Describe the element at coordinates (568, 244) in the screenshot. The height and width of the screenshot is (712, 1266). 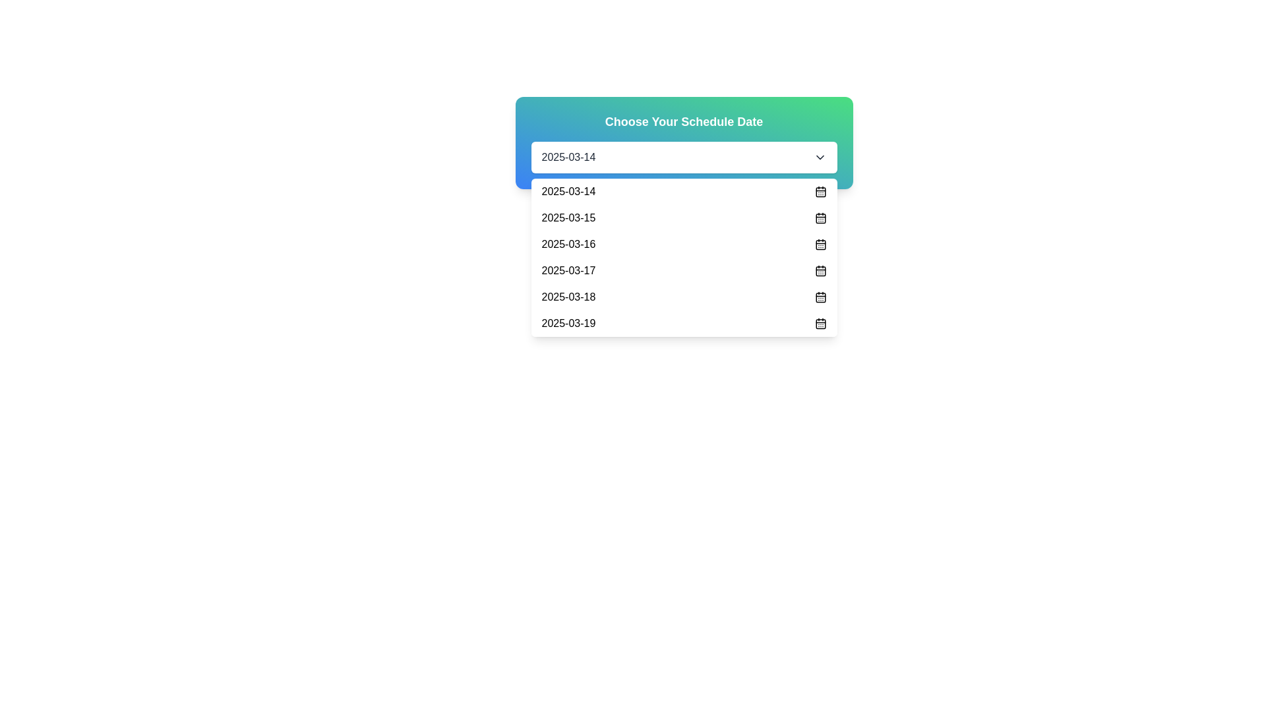
I see `the static text element representing the date option '2025-03-16' in the dropdown menu` at that location.